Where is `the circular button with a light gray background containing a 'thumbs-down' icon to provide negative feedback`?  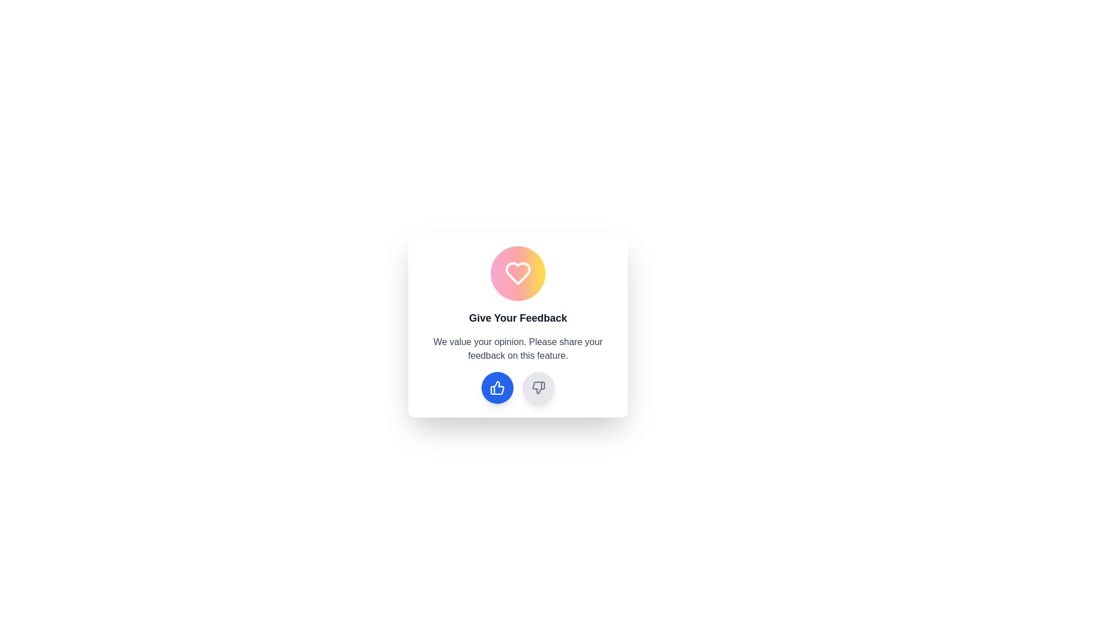
the circular button with a light gray background containing a 'thumbs-down' icon to provide negative feedback is located at coordinates (538, 387).